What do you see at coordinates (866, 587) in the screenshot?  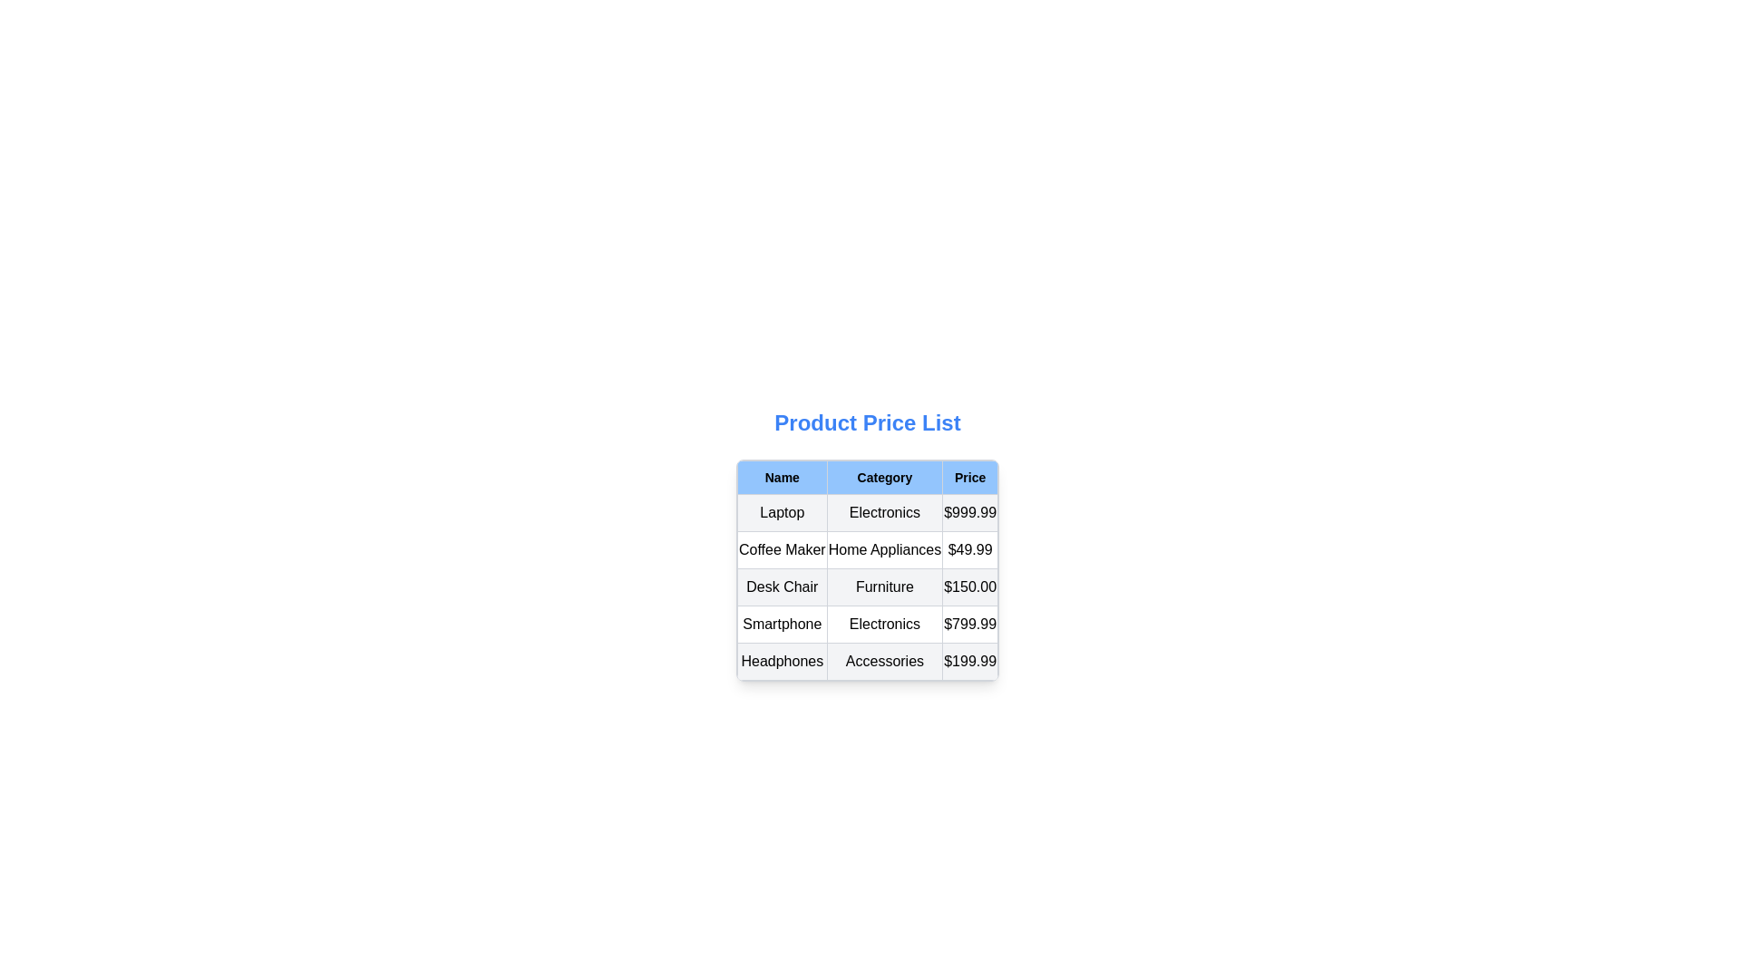 I see `the third row in the product information table, which contains 'Desk Chair', 'Furniture', and '$150.00', positioned between the 'Coffee Maker' and 'Smartphone' rows` at bounding box center [866, 587].